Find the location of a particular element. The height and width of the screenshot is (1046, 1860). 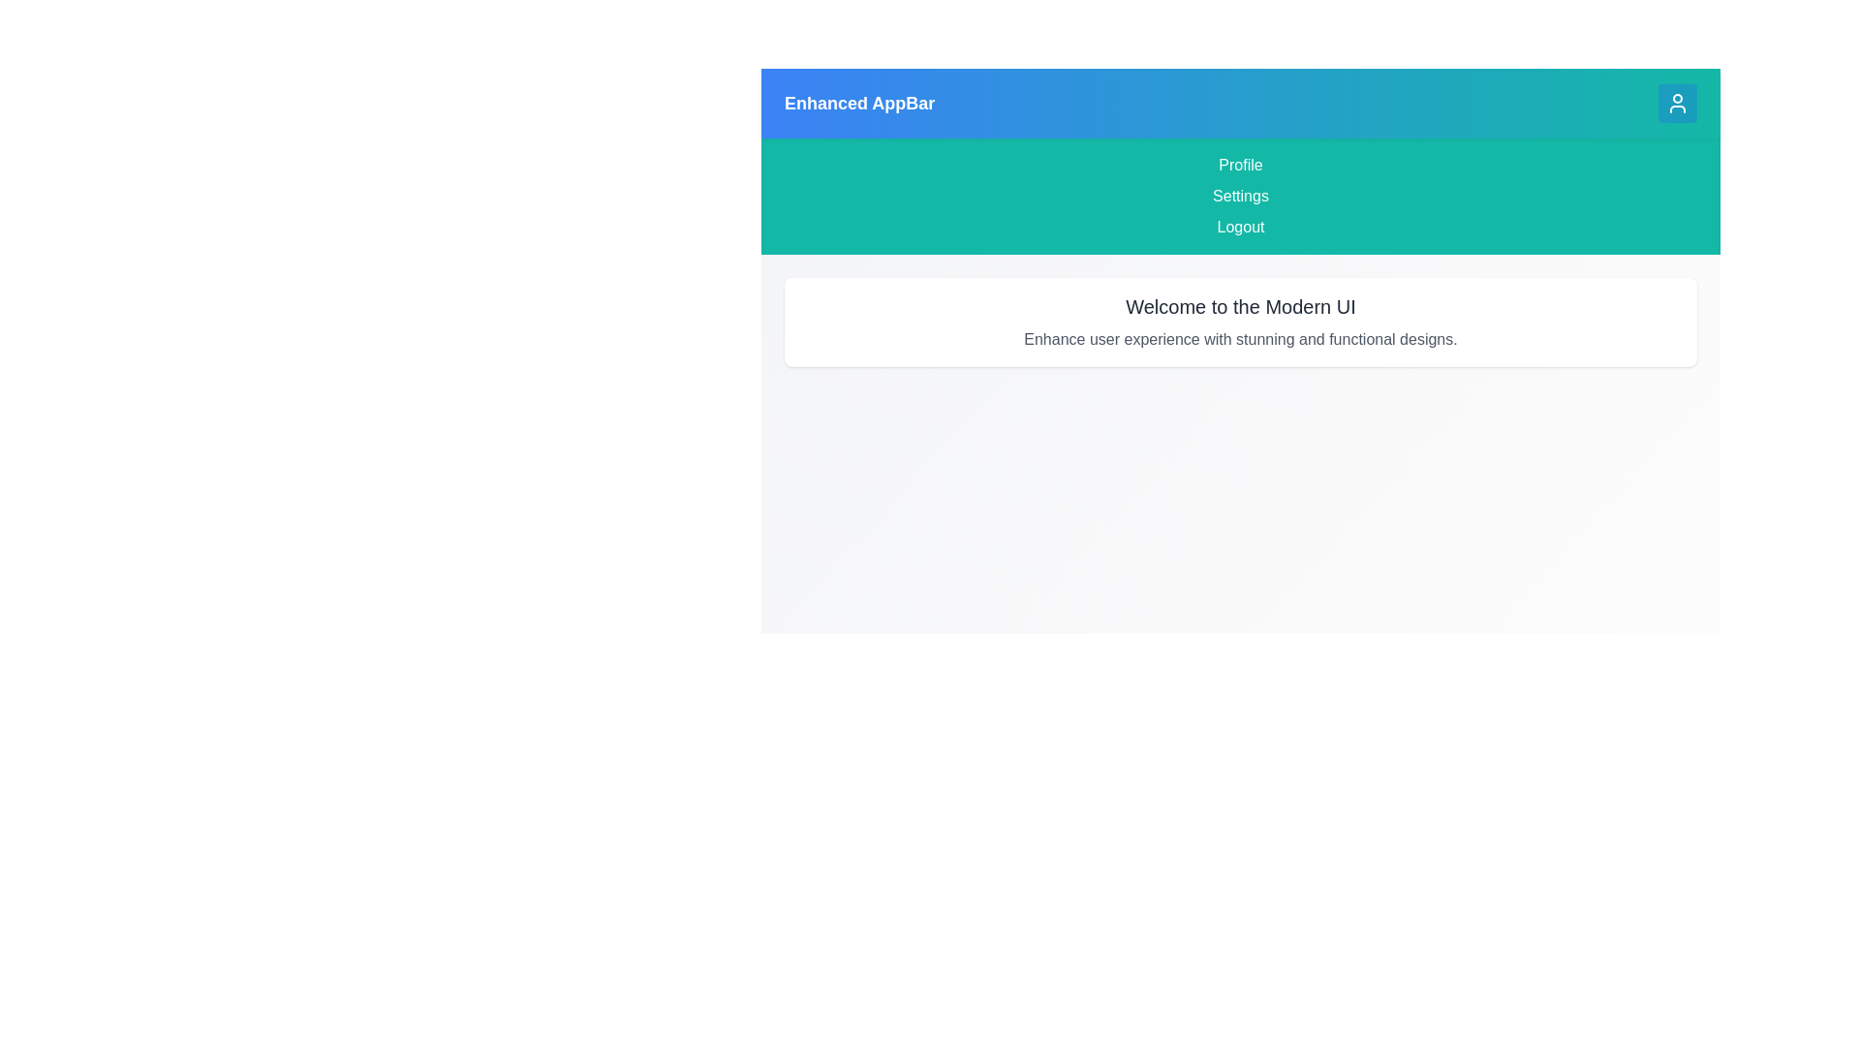

the user icon button to toggle the menu visibility is located at coordinates (1677, 104).